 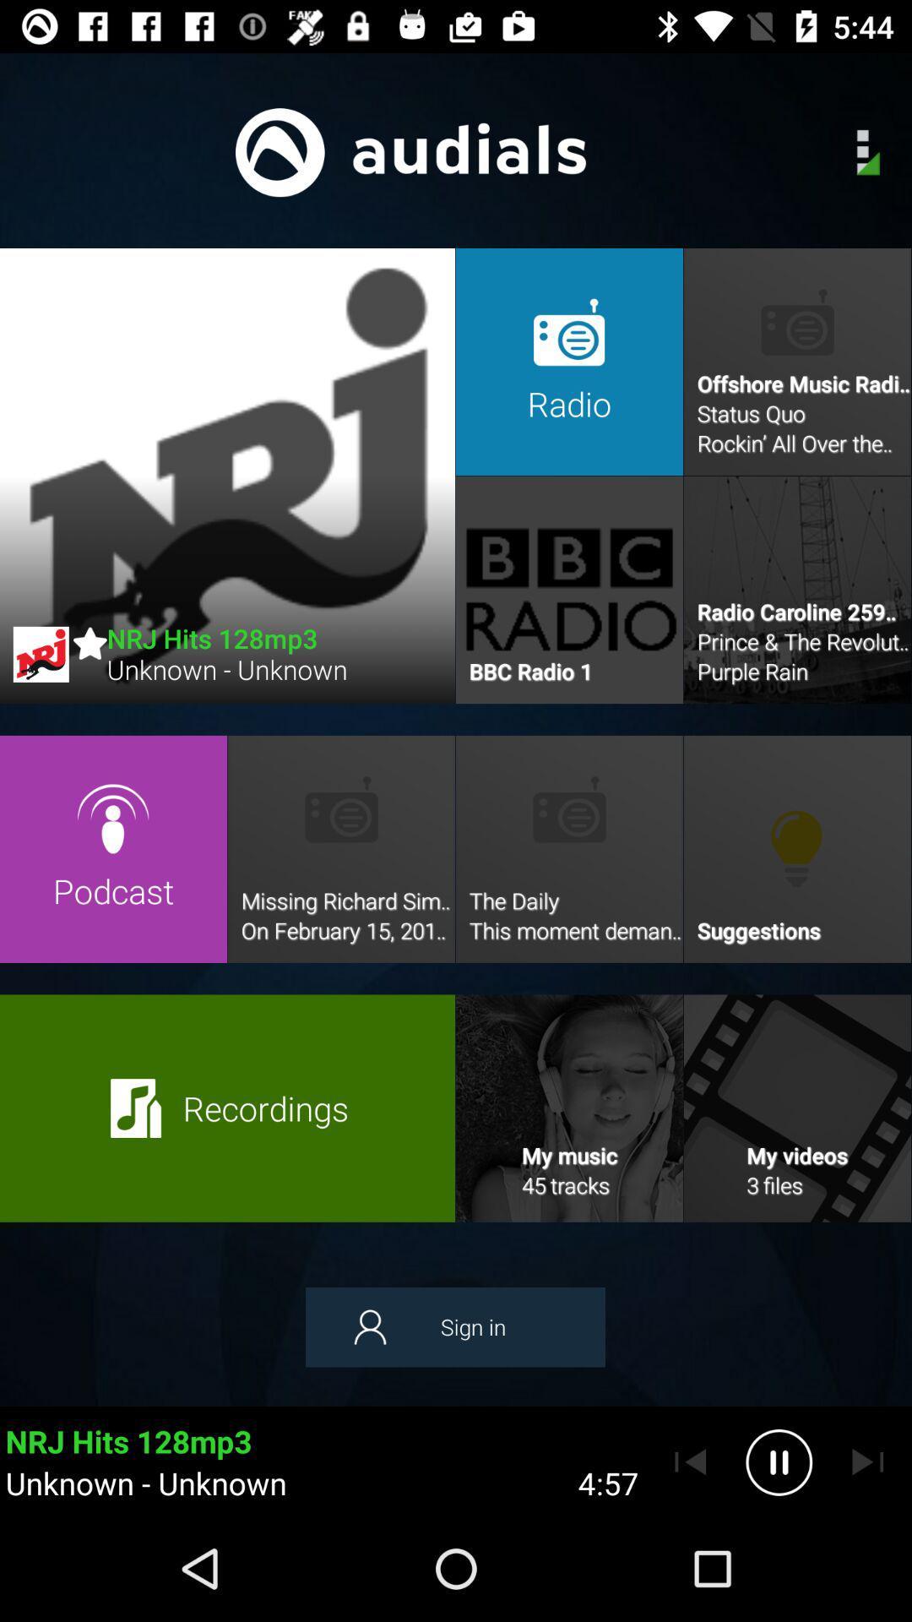 What do you see at coordinates (867, 1461) in the screenshot?
I see `skip to next song` at bounding box center [867, 1461].